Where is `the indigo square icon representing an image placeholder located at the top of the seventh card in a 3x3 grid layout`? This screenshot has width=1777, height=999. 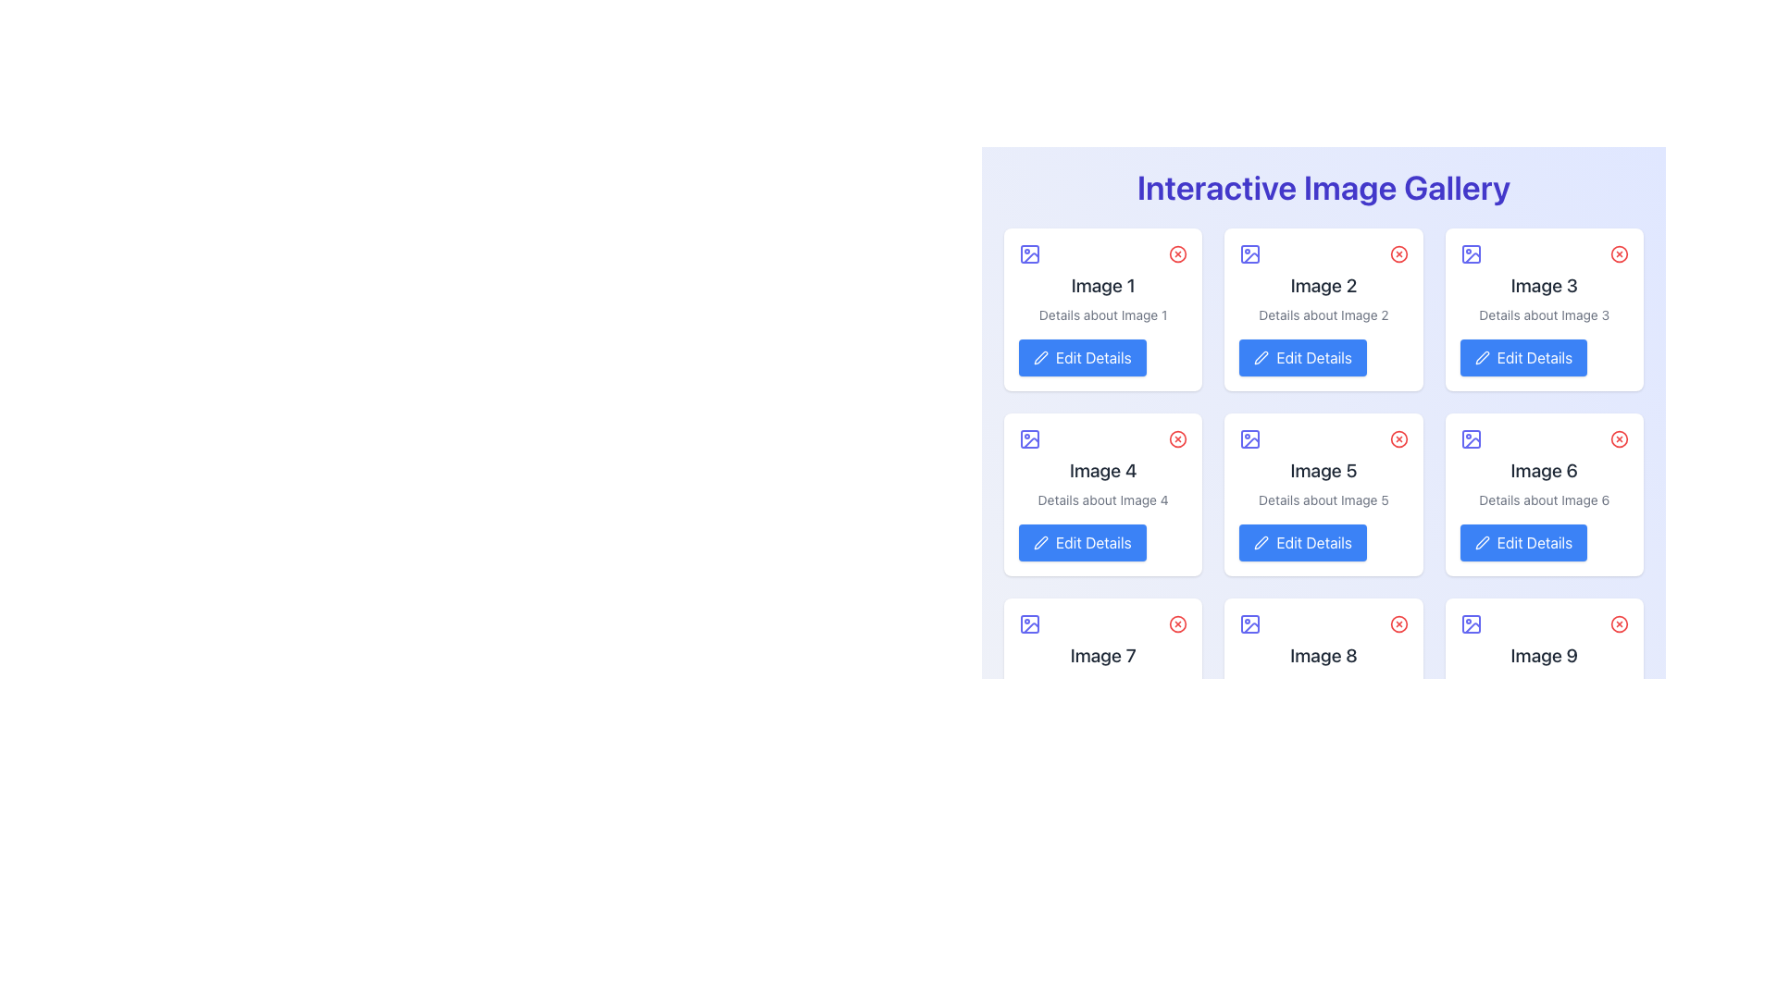
the indigo square icon representing an image placeholder located at the top of the seventh card in a 3x3 grid layout is located at coordinates (1029, 624).